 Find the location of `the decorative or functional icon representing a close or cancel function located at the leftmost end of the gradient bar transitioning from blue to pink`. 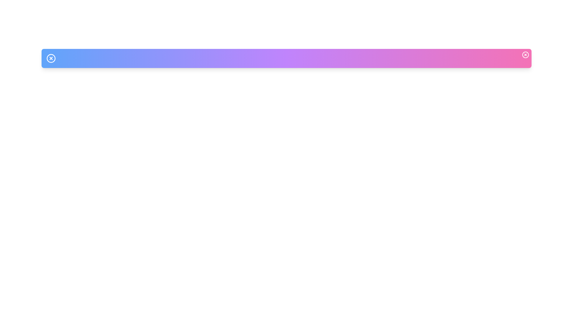

the decorative or functional icon representing a close or cancel function located at the leftmost end of the gradient bar transitioning from blue to pink is located at coordinates (51, 58).